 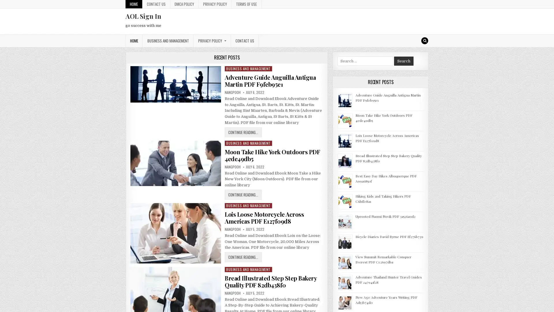 What do you see at coordinates (403, 61) in the screenshot?
I see `Search` at bounding box center [403, 61].